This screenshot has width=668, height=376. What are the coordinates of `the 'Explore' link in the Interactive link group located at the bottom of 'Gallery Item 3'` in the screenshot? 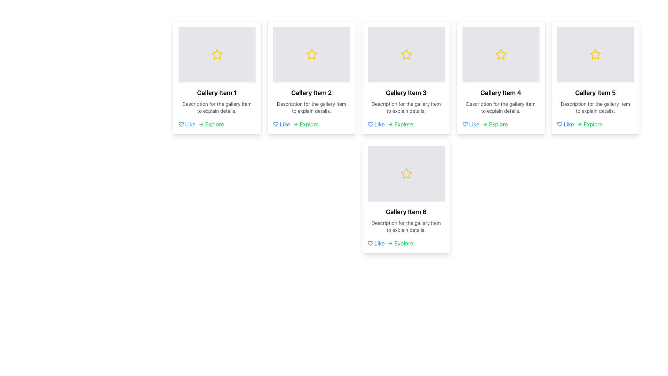 It's located at (406, 124).